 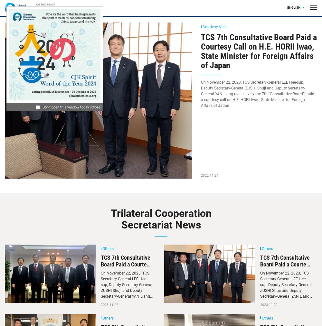 What do you see at coordinates (258, 94) in the screenshot?
I see `'On November 22, 2023, TCS Secretary-General LEE Hee-sup, Deputy Secretary-General ZUSHI Shuji and Deputy Secretary-General YAN Liang (collectively the 7th “Consultative Board”) paid a courtesy call on H.E. HORII Iwao, State Minister for Foreign Affairs of Japan.'` at bounding box center [258, 94].